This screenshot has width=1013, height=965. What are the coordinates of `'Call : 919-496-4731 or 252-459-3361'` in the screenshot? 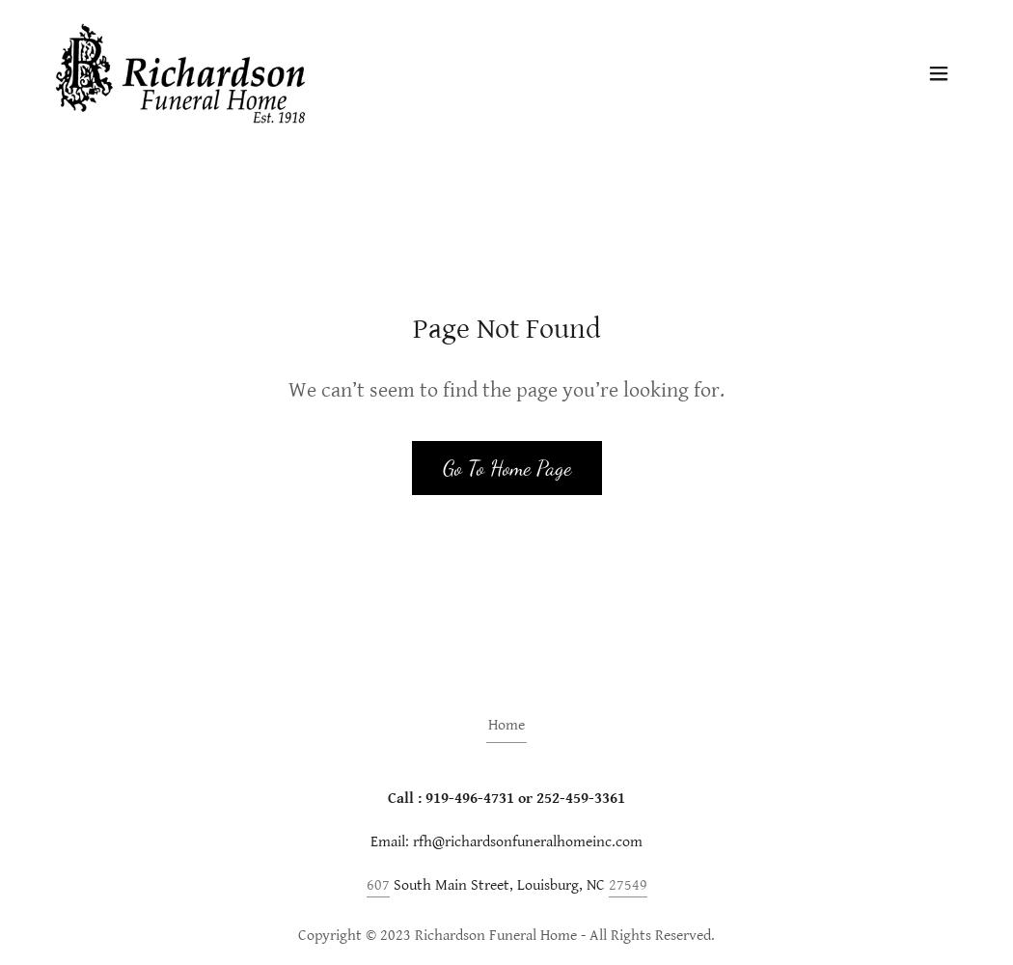 It's located at (506, 797).